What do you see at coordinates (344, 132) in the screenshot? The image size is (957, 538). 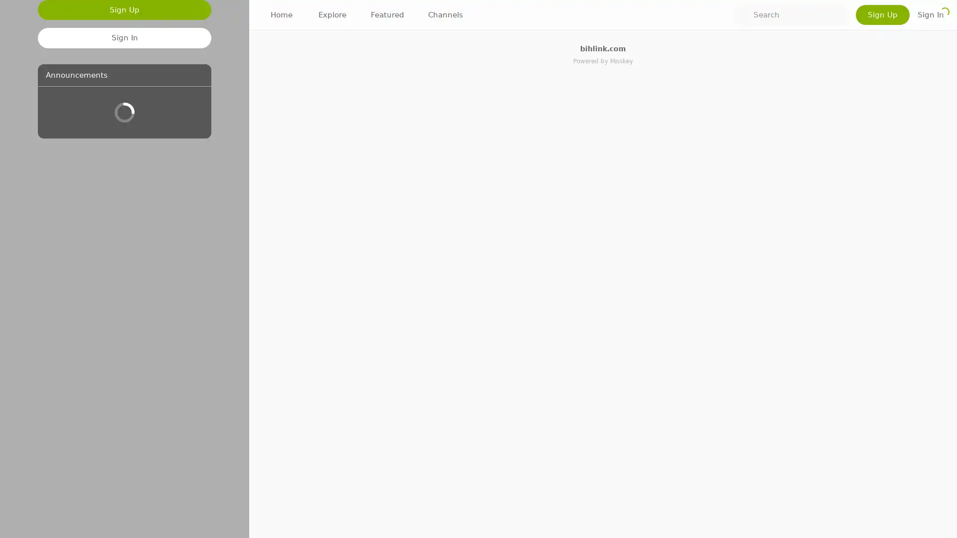 I see `1` at bounding box center [344, 132].